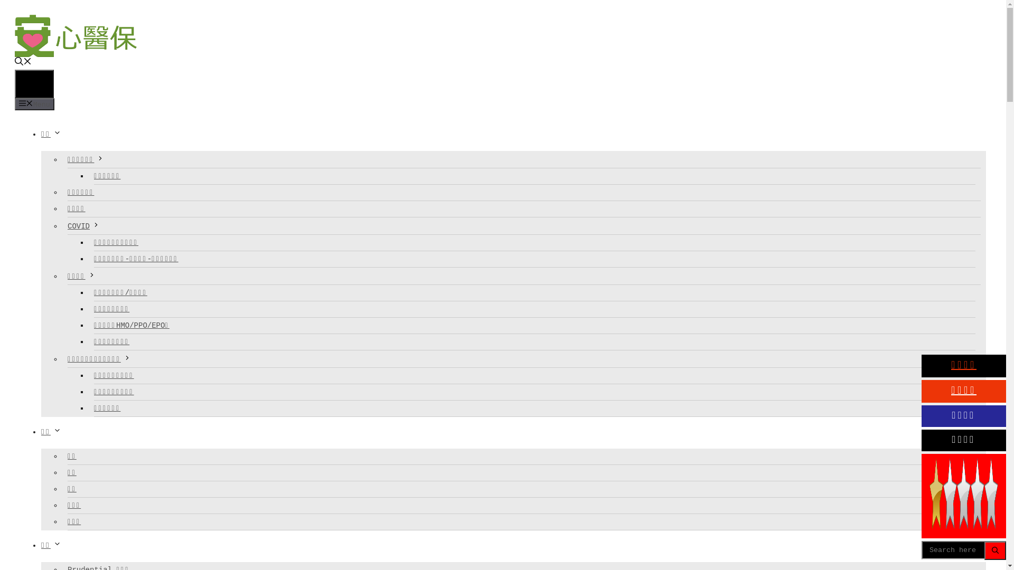 The image size is (1014, 570). What do you see at coordinates (34, 104) in the screenshot?
I see `'Menu'` at bounding box center [34, 104].